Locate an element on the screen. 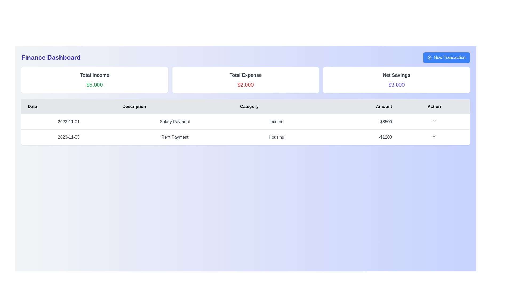 The width and height of the screenshot is (512, 288). the second row in the financial dashboard table is located at coordinates (245, 137).